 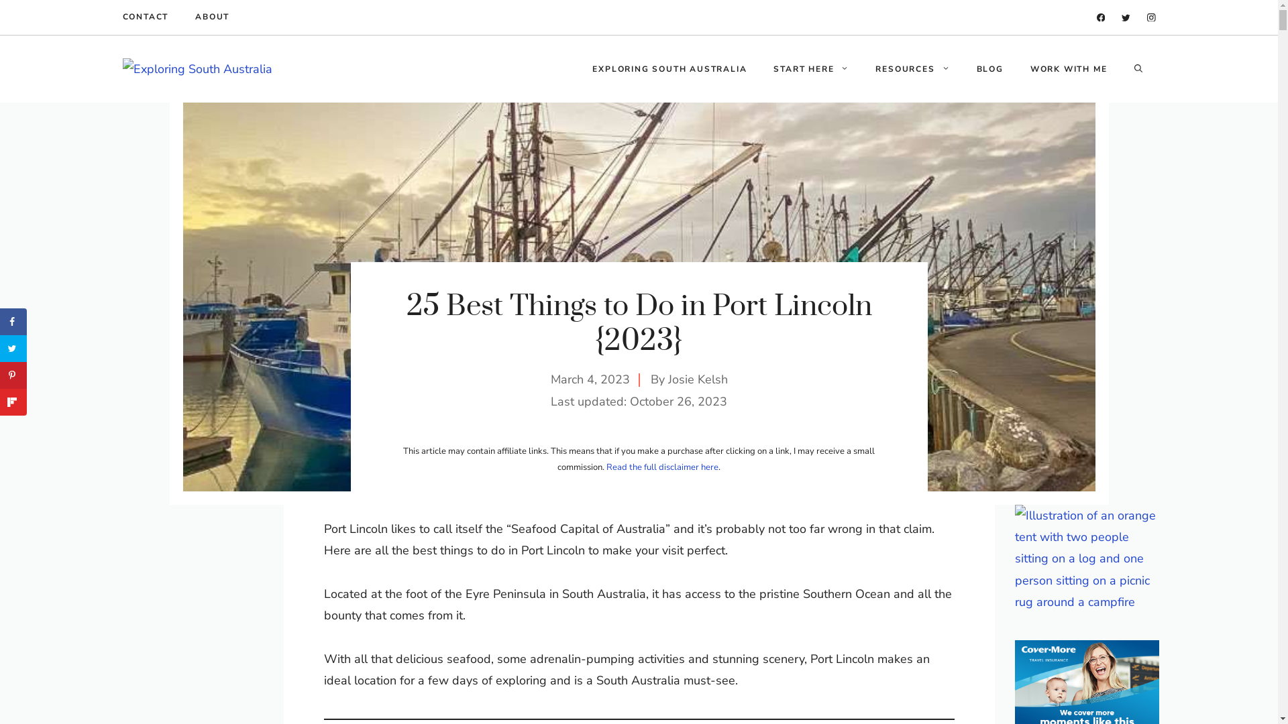 What do you see at coordinates (13, 321) in the screenshot?
I see `'Share on Facebook'` at bounding box center [13, 321].